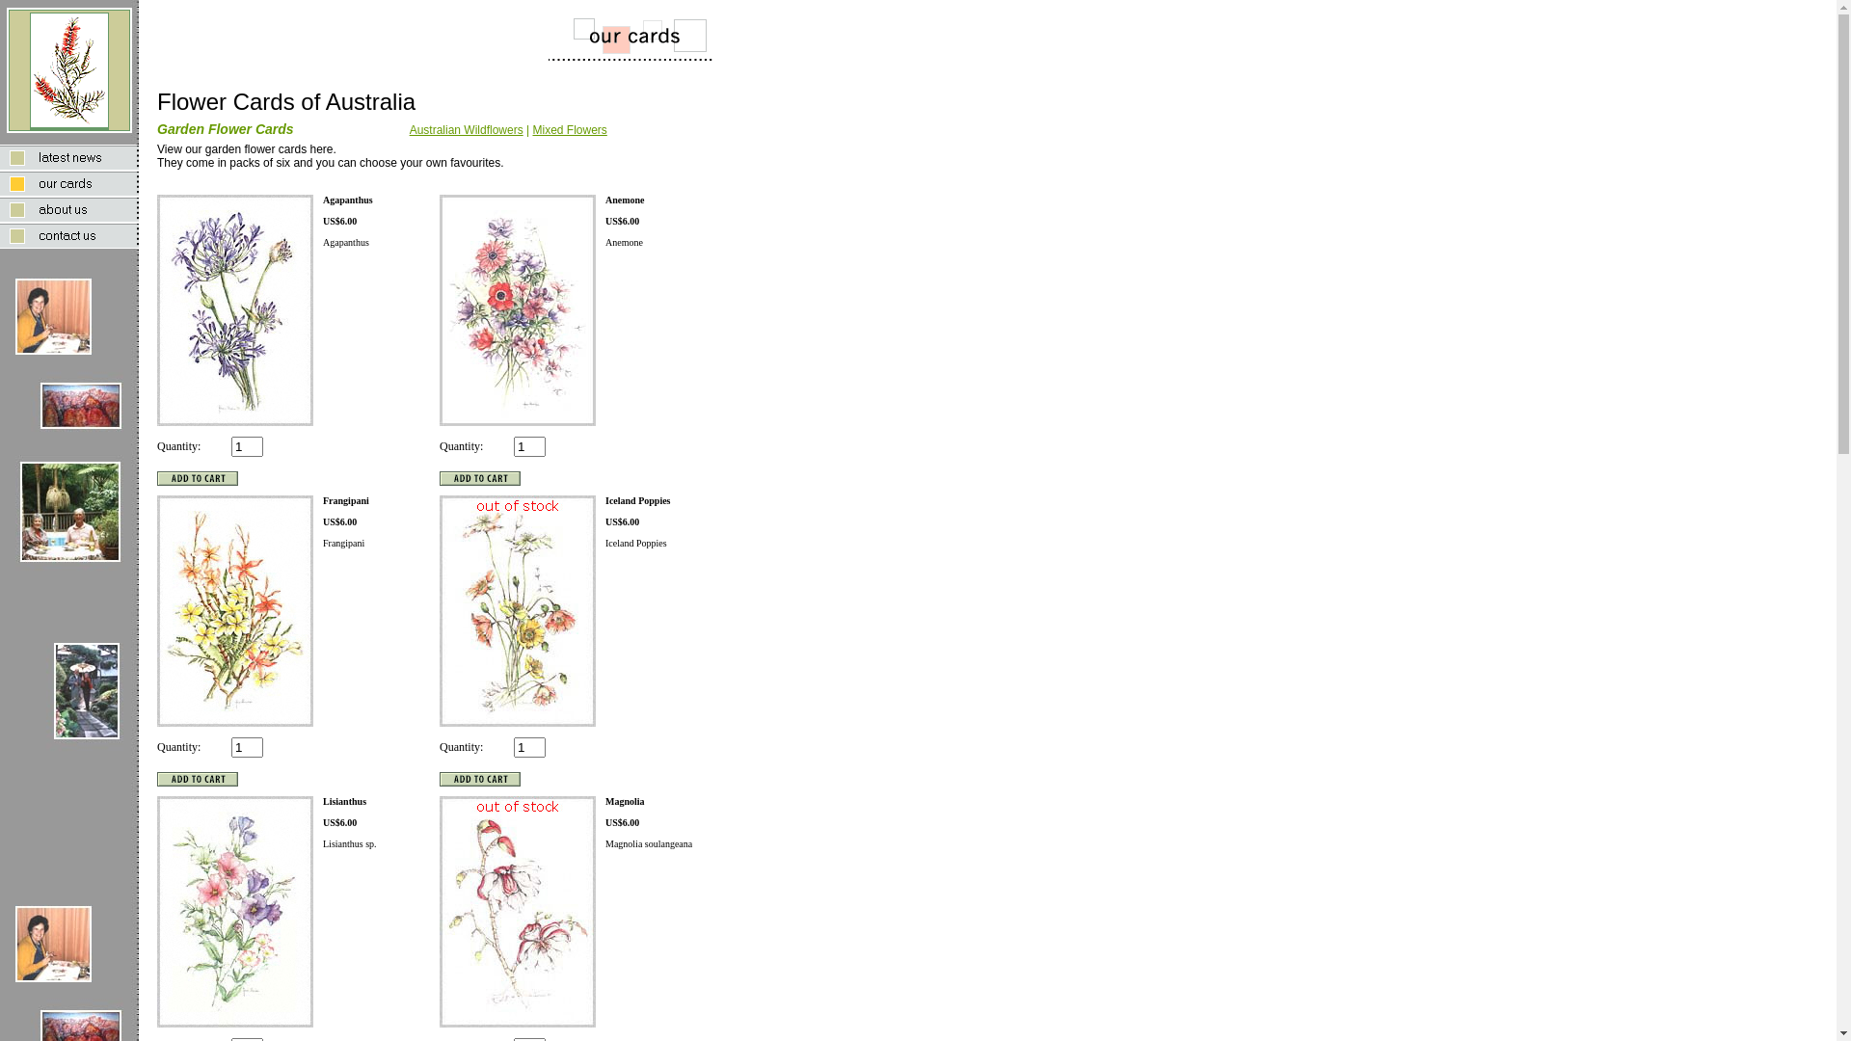 This screenshot has height=1041, width=1851. Describe the element at coordinates (409, 130) in the screenshot. I see `'Australian Wildflowers'` at that location.